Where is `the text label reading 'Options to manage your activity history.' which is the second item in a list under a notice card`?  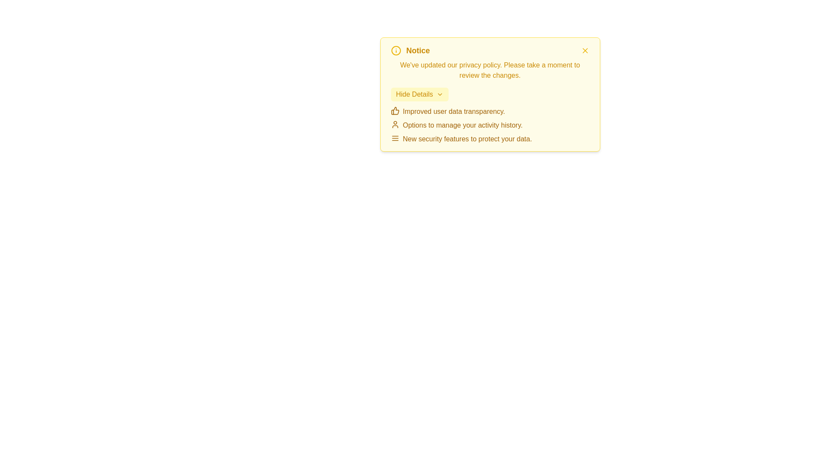 the text label reading 'Options to manage your activity history.' which is the second item in a list under a notice card is located at coordinates (462, 125).